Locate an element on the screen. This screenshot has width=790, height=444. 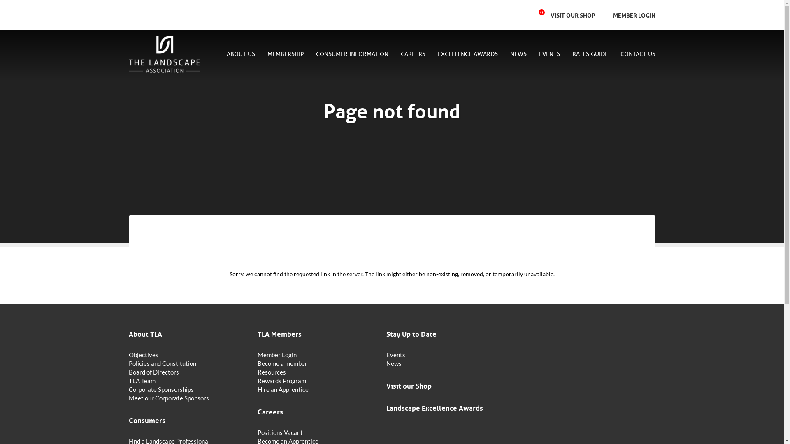
'MEMBERSHIP' is located at coordinates (286, 55).